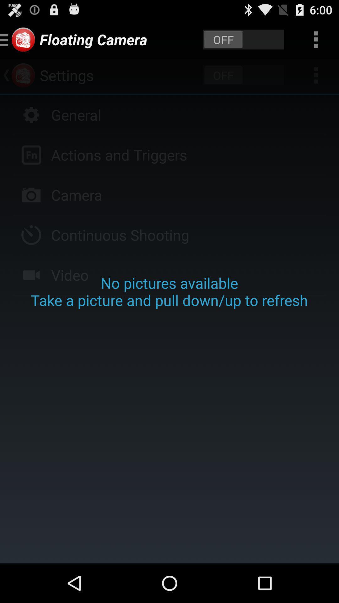 This screenshot has width=339, height=603. Describe the element at coordinates (243, 39) in the screenshot. I see `camera on/off` at that location.